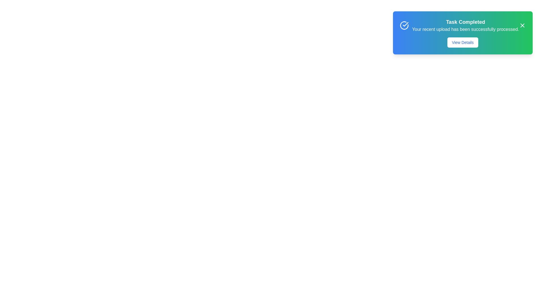 The image size is (544, 306). Describe the element at coordinates (522, 25) in the screenshot. I see `the close button in the top-right corner of the snackbar to close the notification` at that location.